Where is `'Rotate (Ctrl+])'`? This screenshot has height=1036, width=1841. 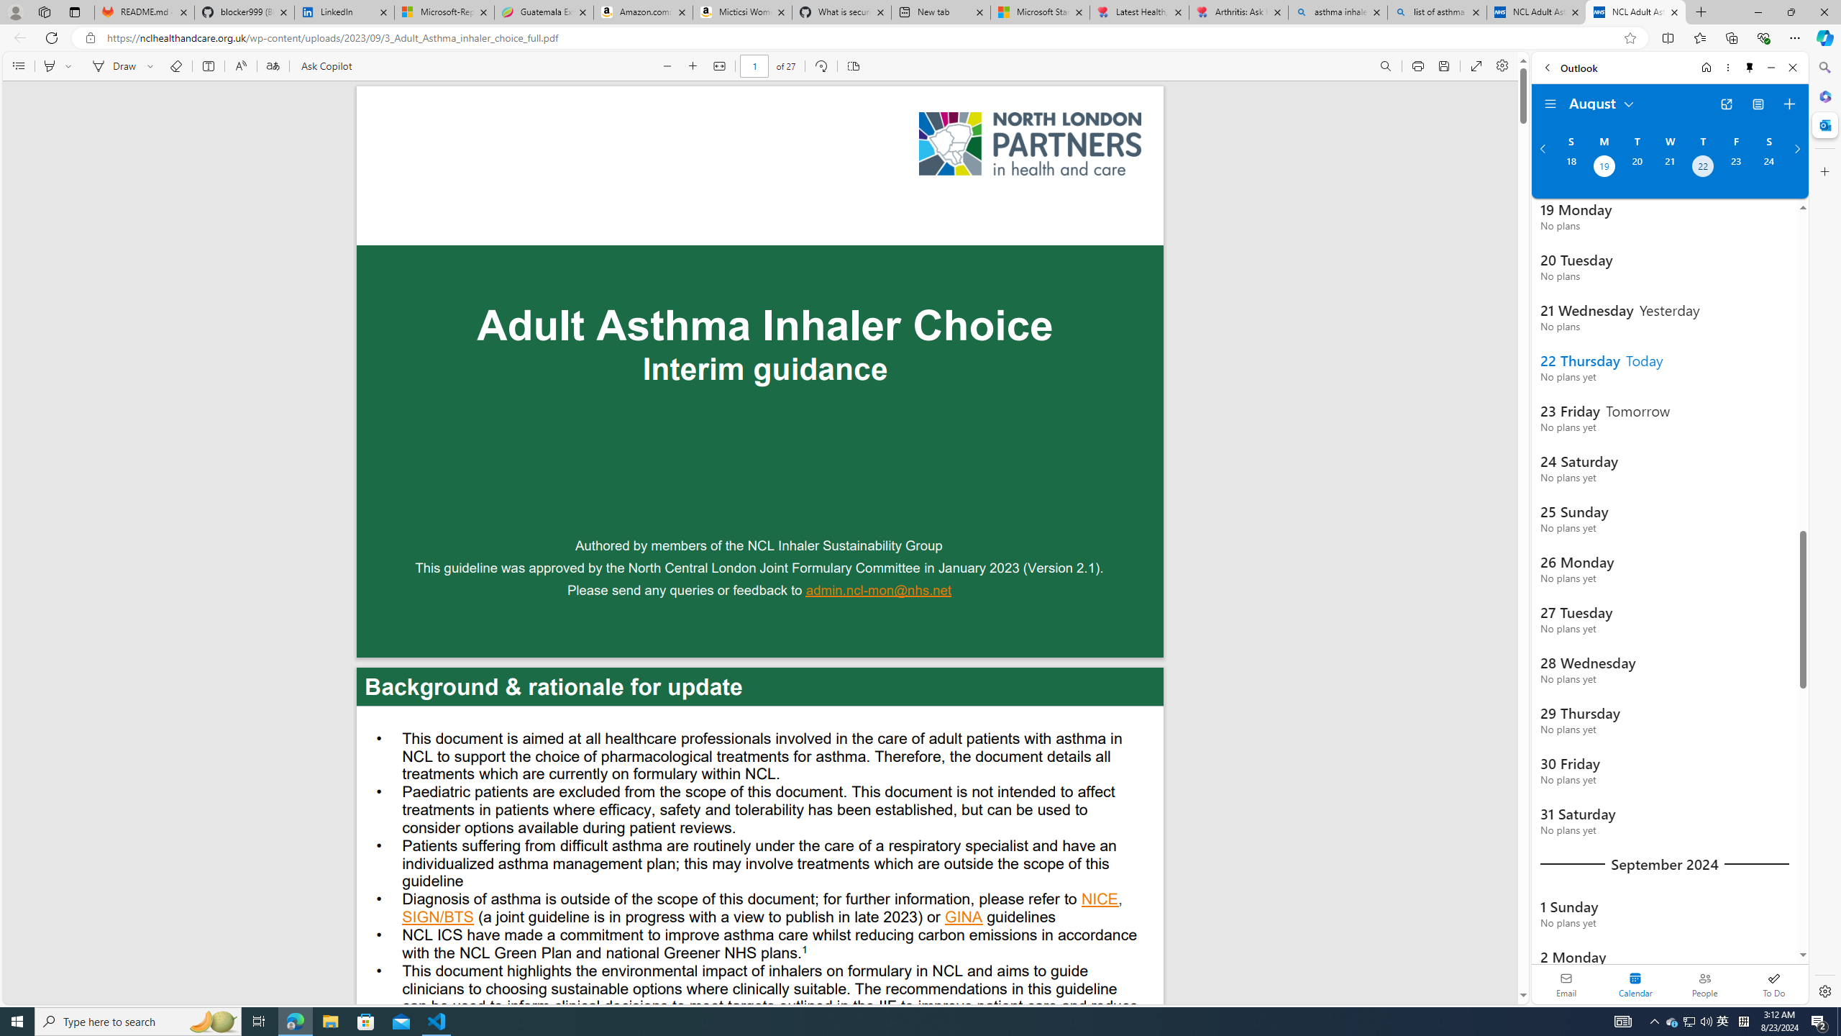 'Rotate (Ctrl+])' is located at coordinates (821, 65).